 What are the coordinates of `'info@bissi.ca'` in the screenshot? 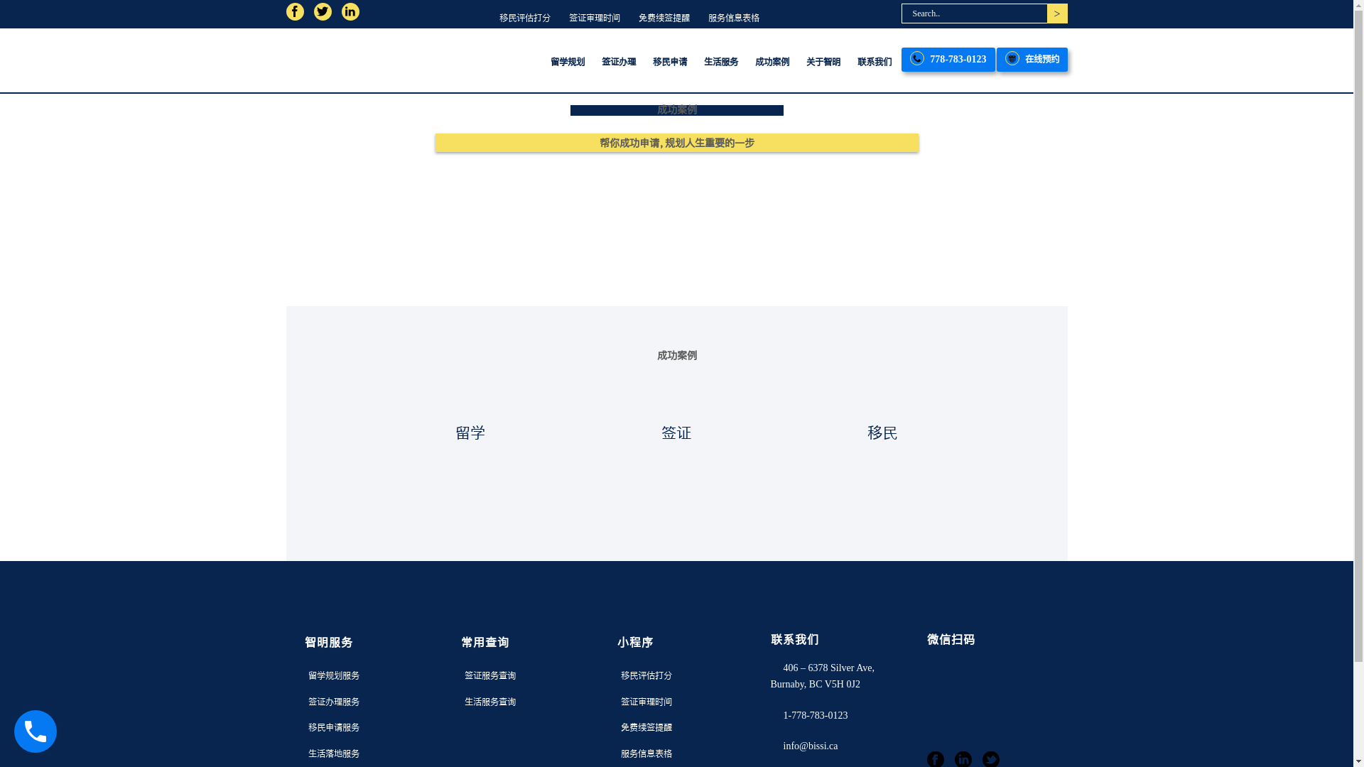 It's located at (803, 744).